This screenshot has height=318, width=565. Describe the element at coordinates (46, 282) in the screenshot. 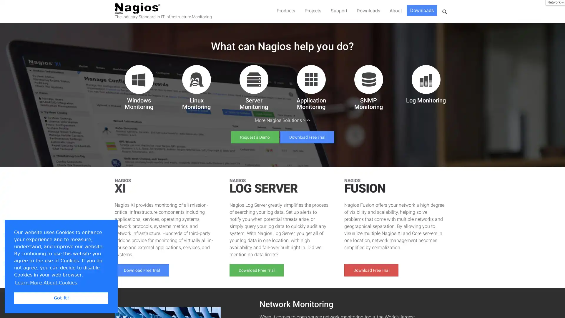

I see `learn more about cookies` at that location.